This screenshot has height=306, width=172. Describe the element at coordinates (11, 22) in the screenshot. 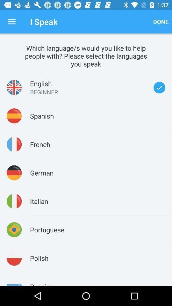

I see `the item to the left of the i speak` at that location.